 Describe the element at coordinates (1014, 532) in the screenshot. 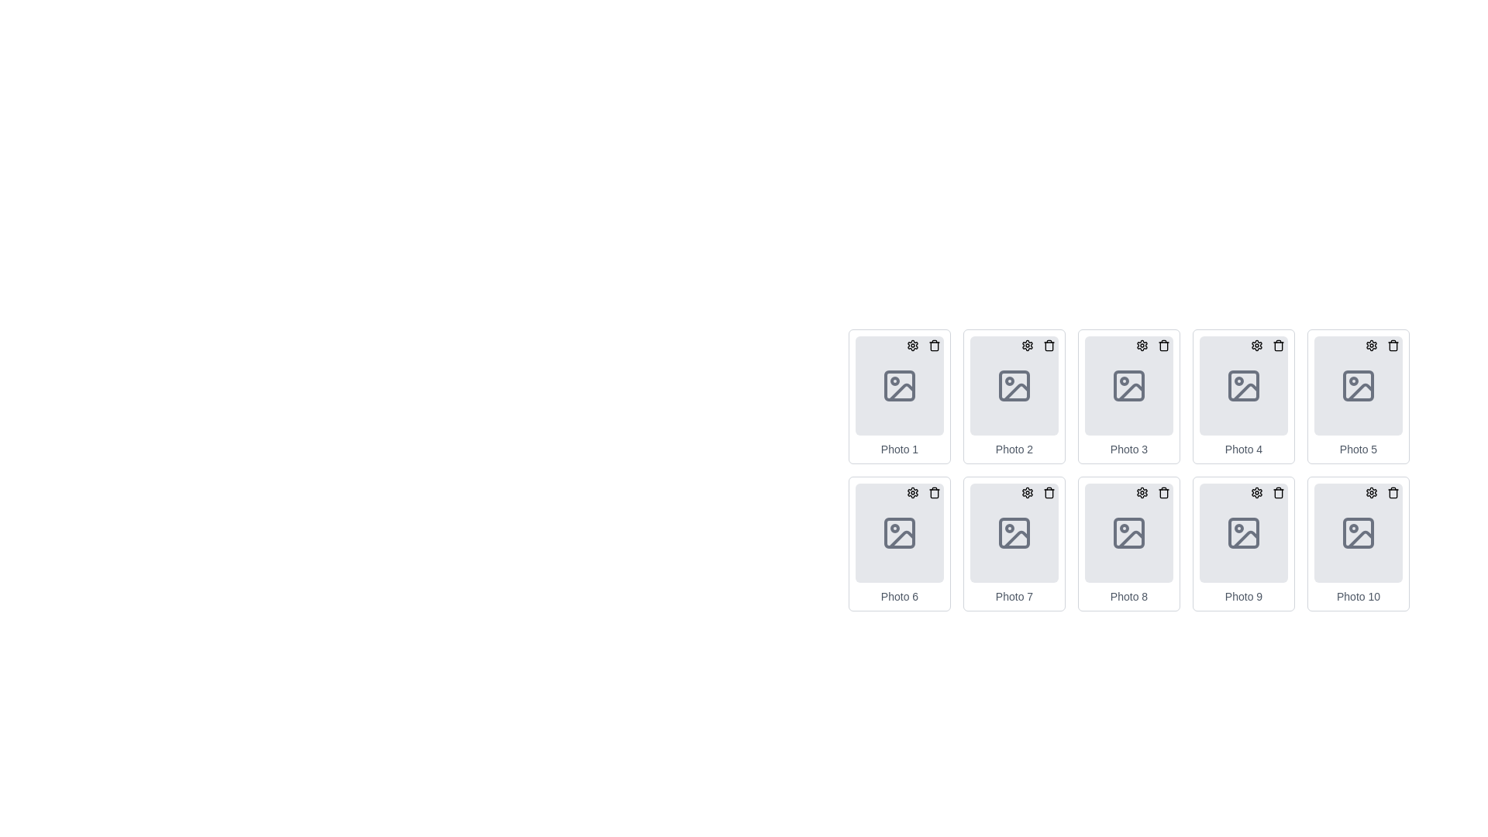

I see `the icon located in the center of the seventh card in a two-row grid layout to interact with the image functionality` at that location.